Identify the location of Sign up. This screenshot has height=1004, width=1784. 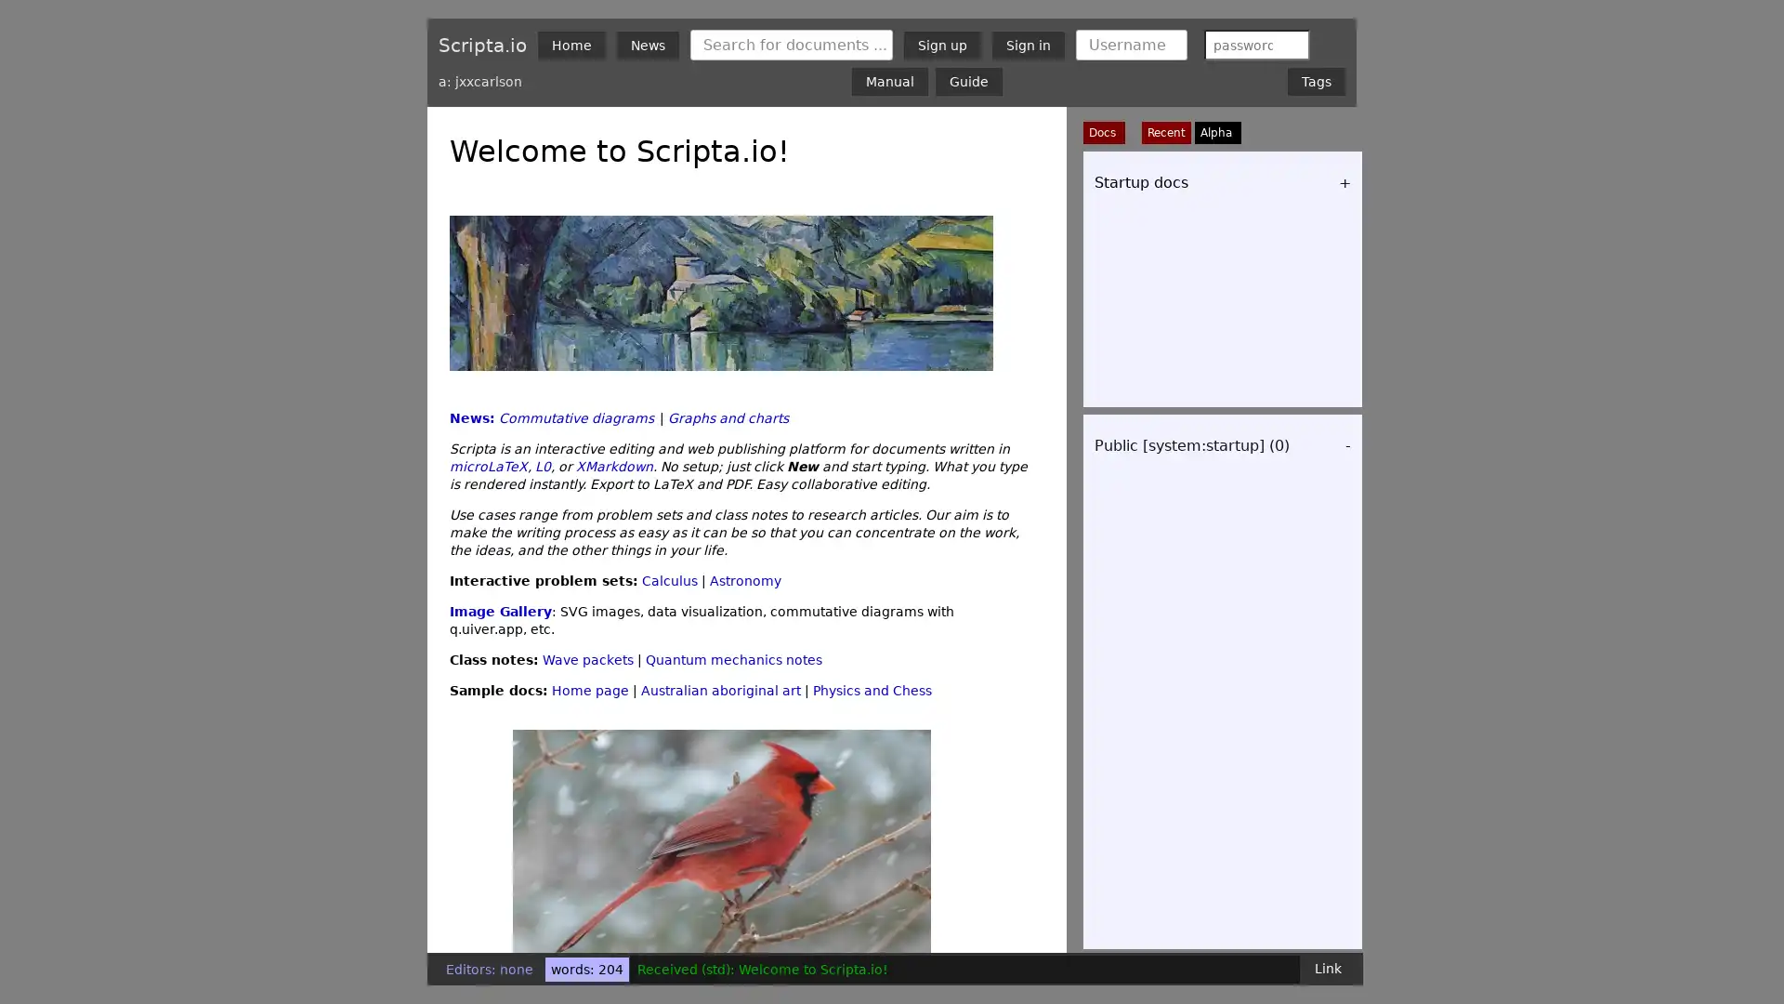
(942, 43).